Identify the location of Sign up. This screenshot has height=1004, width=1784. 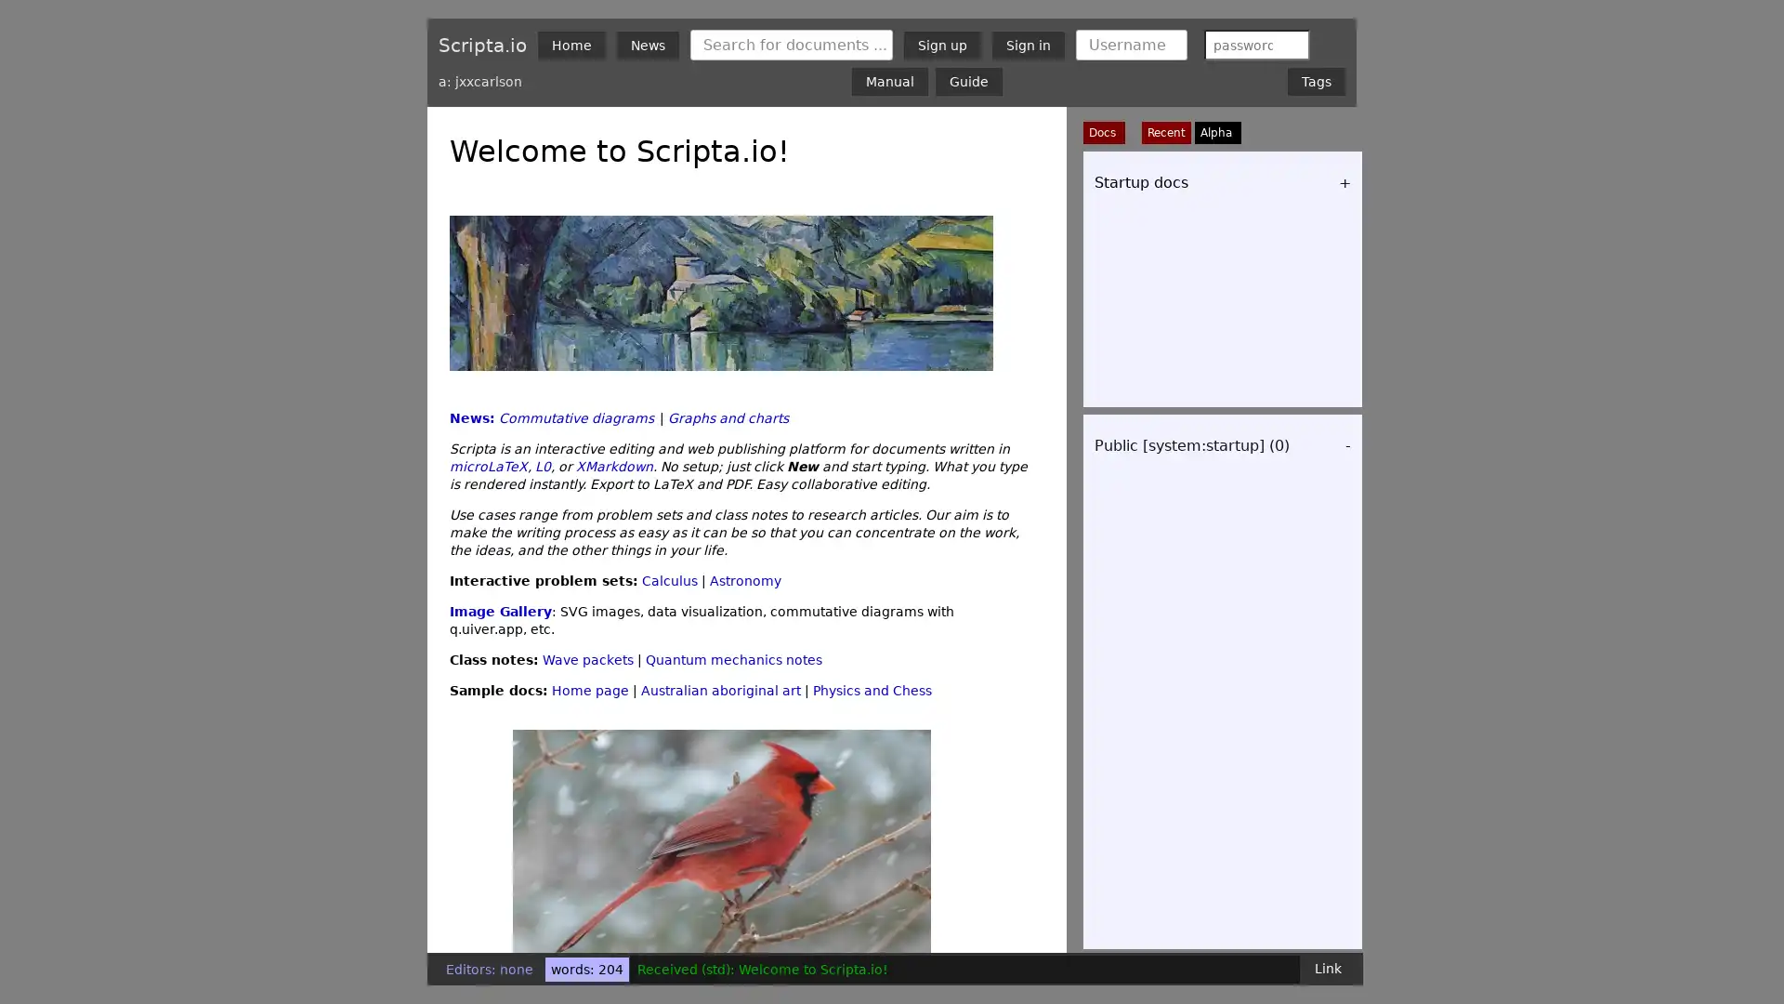
(942, 43).